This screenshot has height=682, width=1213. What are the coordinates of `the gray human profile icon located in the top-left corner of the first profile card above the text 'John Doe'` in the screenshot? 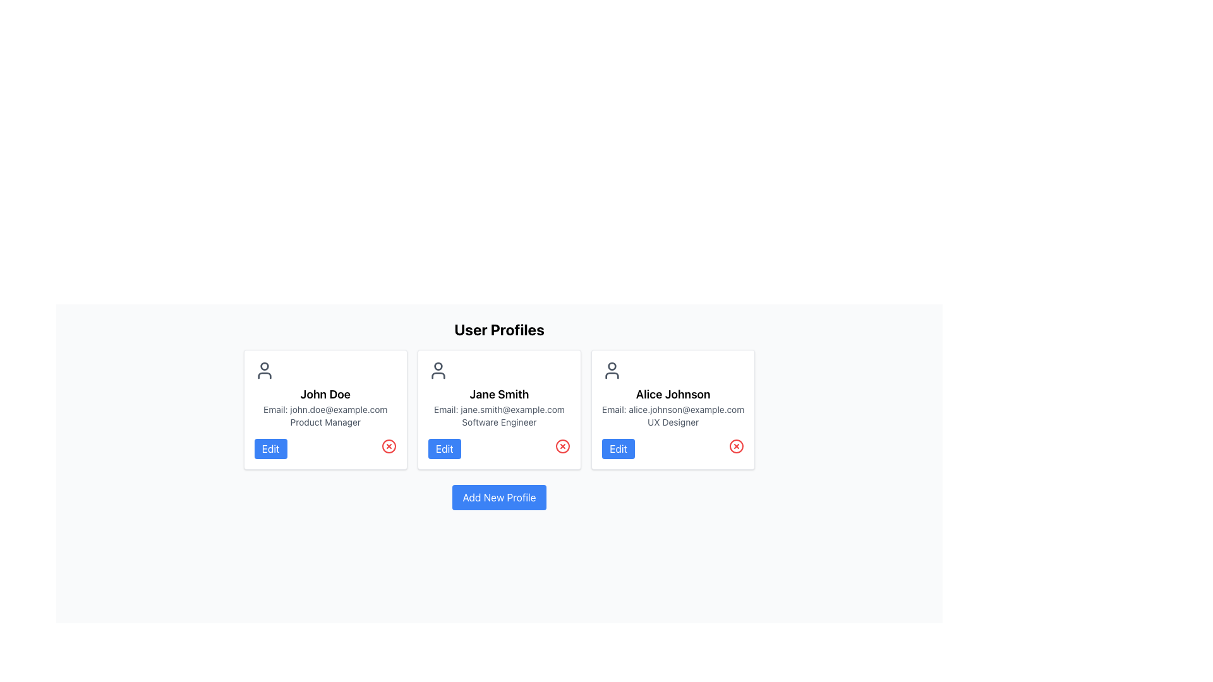 It's located at (263, 369).